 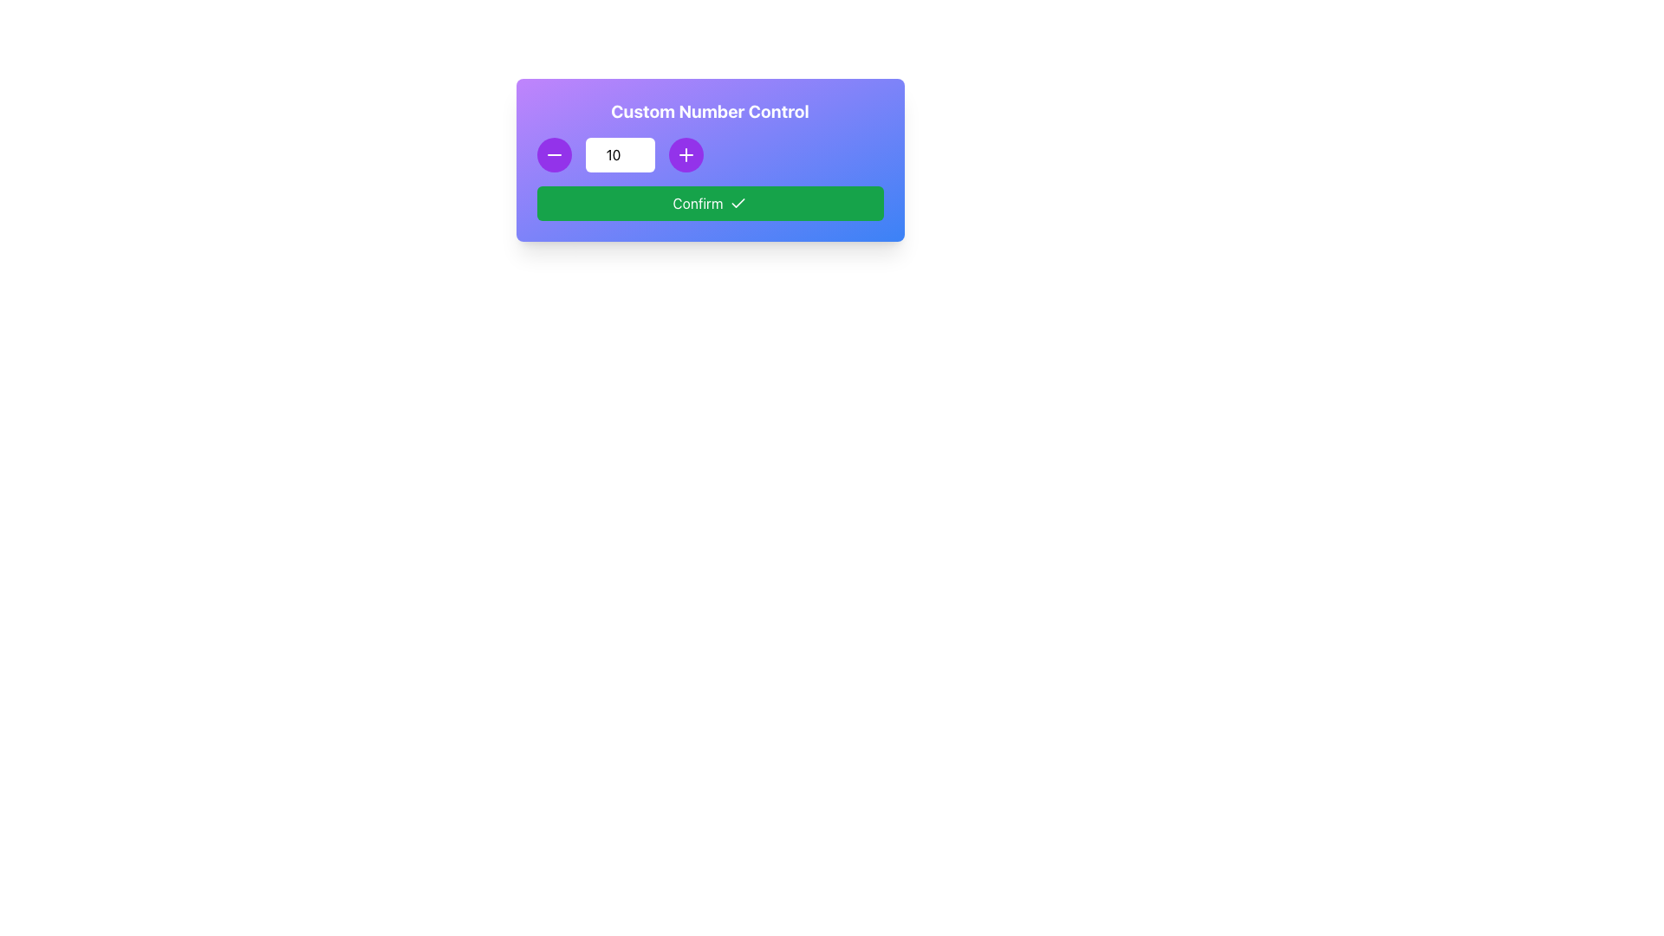 I want to click on the increment button located to the right of the numeric input box in the number control interface for keyboard interaction, so click(x=685, y=153).